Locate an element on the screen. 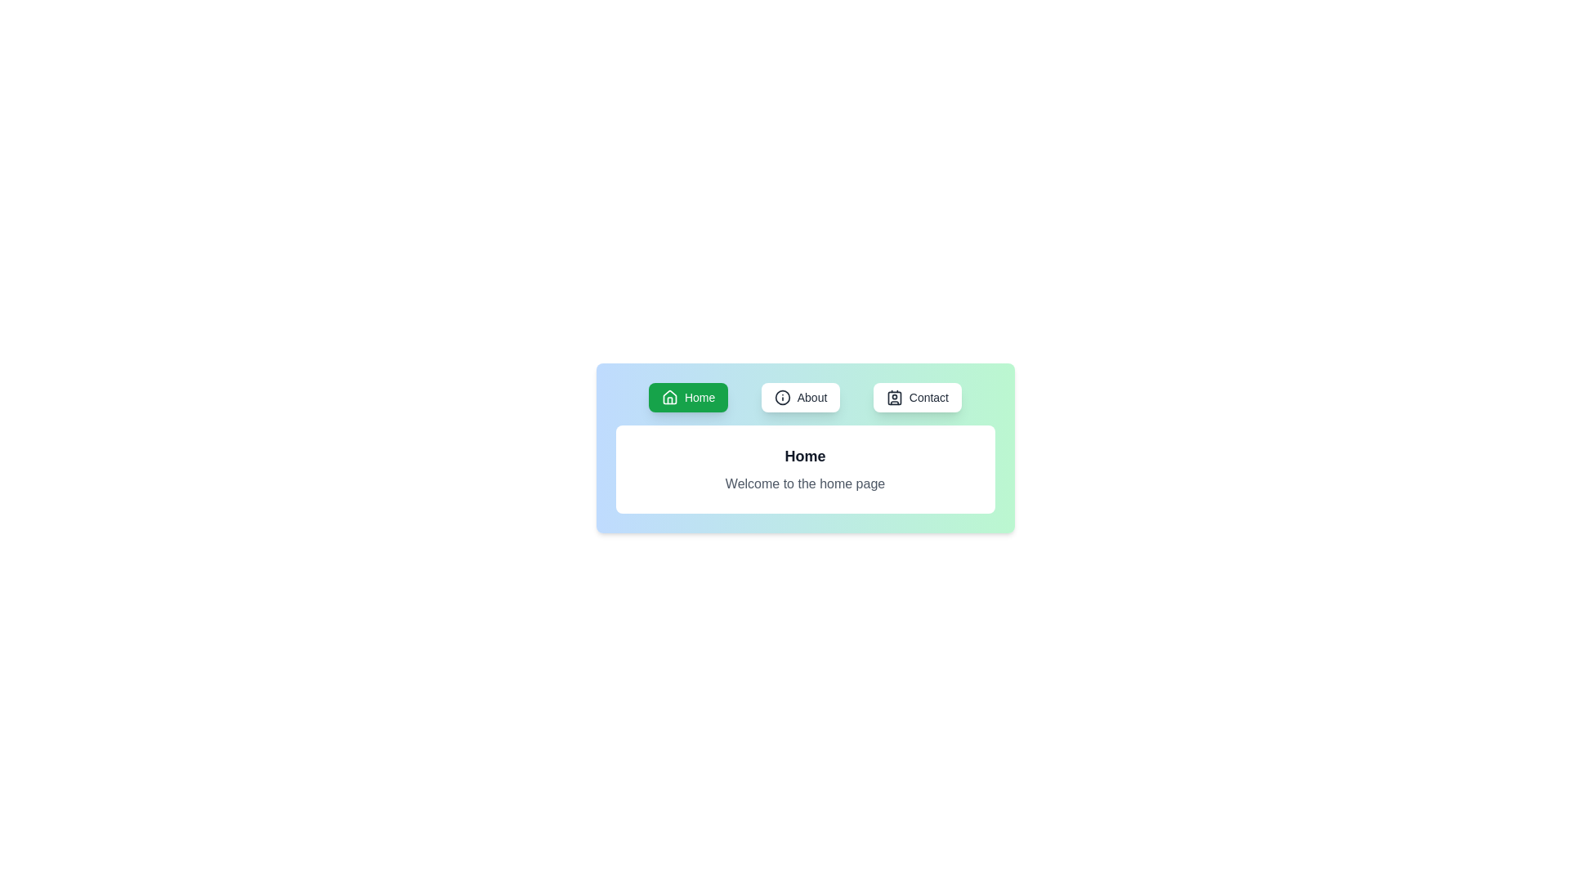  the Contact tab to switch to it is located at coordinates (917, 397).